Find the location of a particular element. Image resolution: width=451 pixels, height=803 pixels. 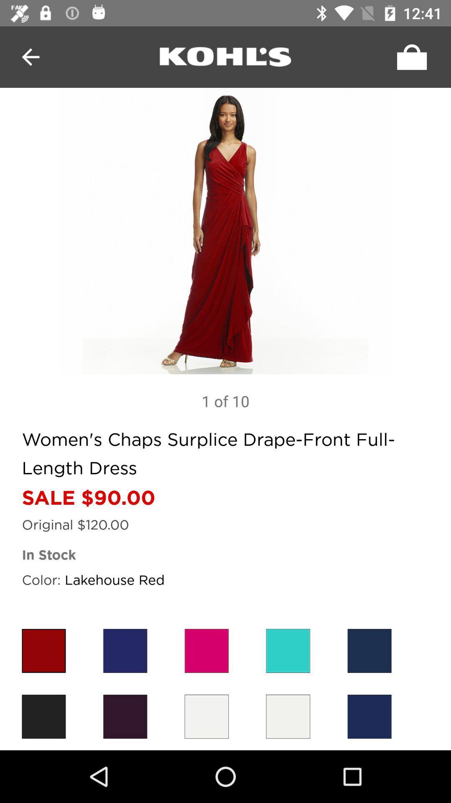

go do couler is located at coordinates (206, 716).